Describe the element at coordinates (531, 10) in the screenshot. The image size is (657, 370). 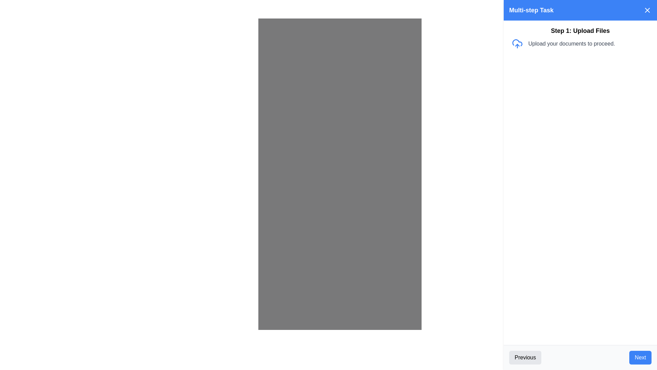
I see `the static text label indicating the 'Multi-step Task' process located in the top left corner of the blue header section` at that location.